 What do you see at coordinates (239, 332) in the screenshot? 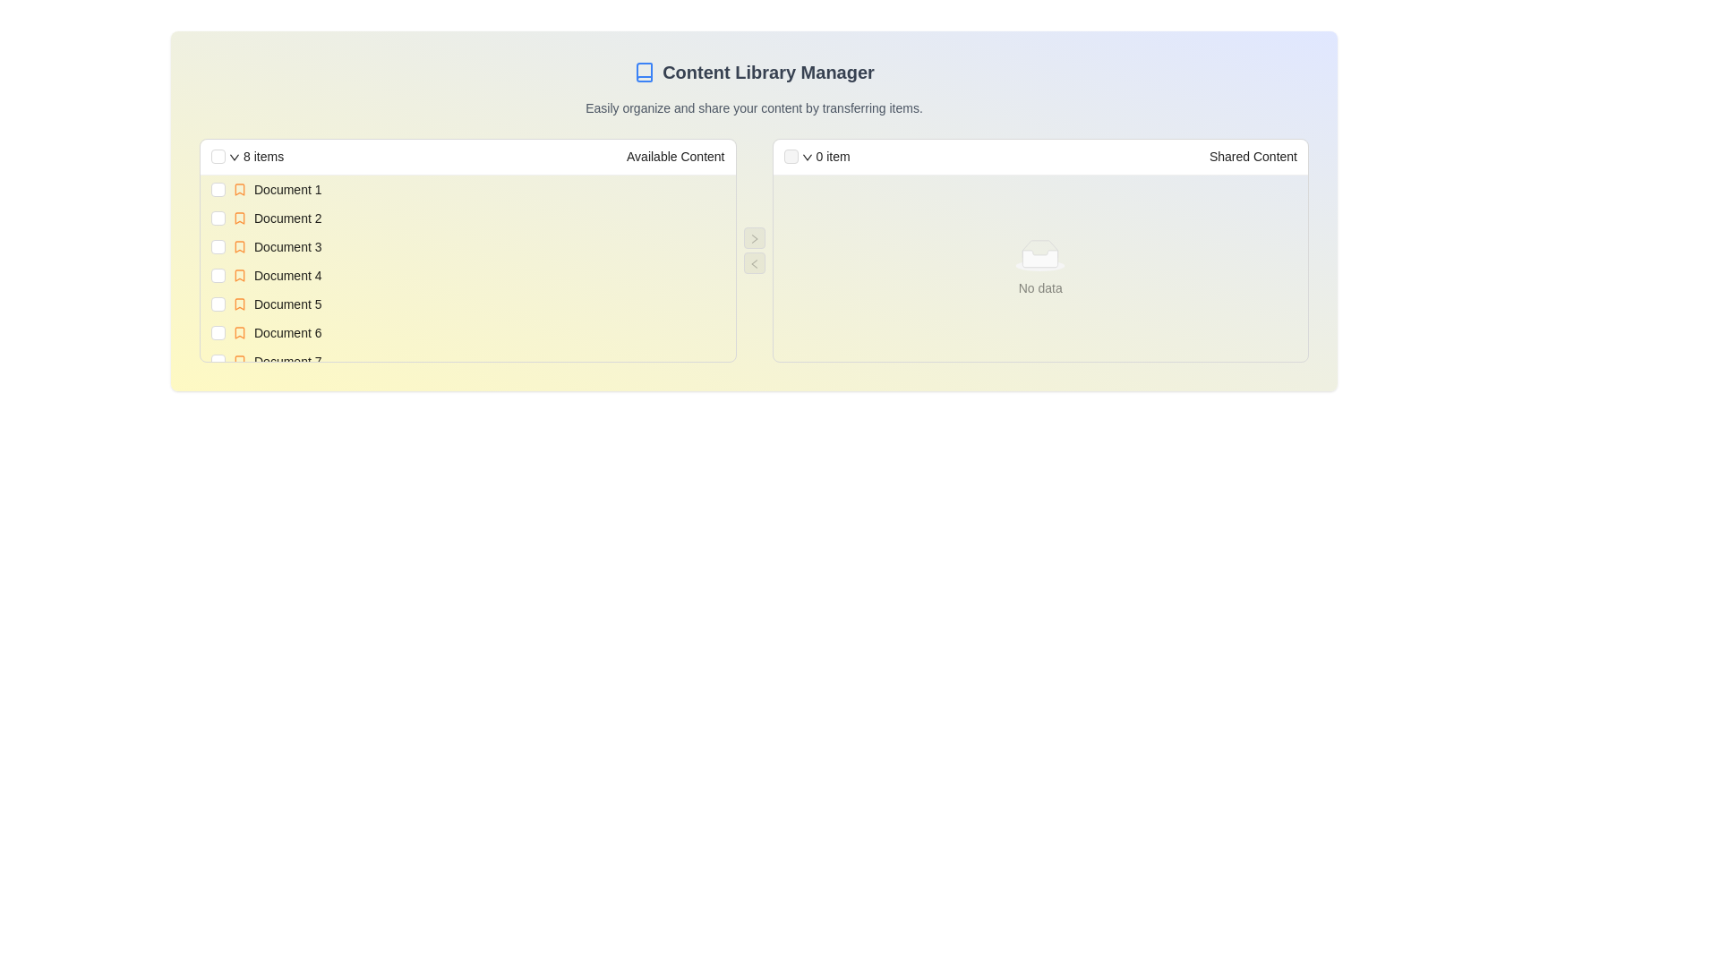
I see `the selected orange bookmark icon adjacent to 'Document 6'` at bounding box center [239, 332].